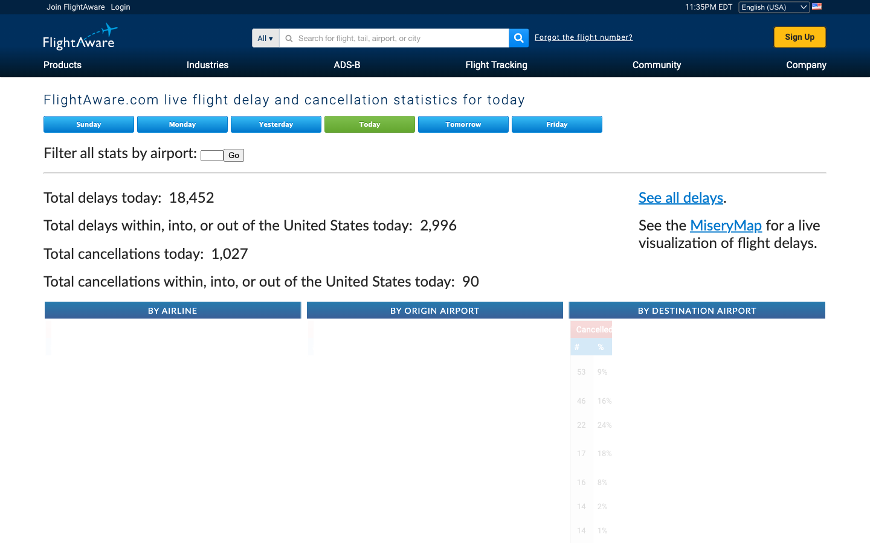  What do you see at coordinates (370, 124) in the screenshot?
I see `Check Flight Aware live flight delay and cancellation statistics for today` at bounding box center [370, 124].